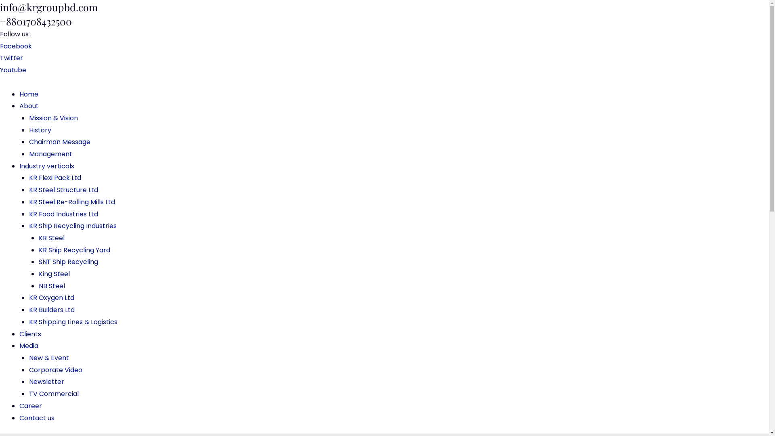  What do you see at coordinates (31, 406) in the screenshot?
I see `'Career'` at bounding box center [31, 406].